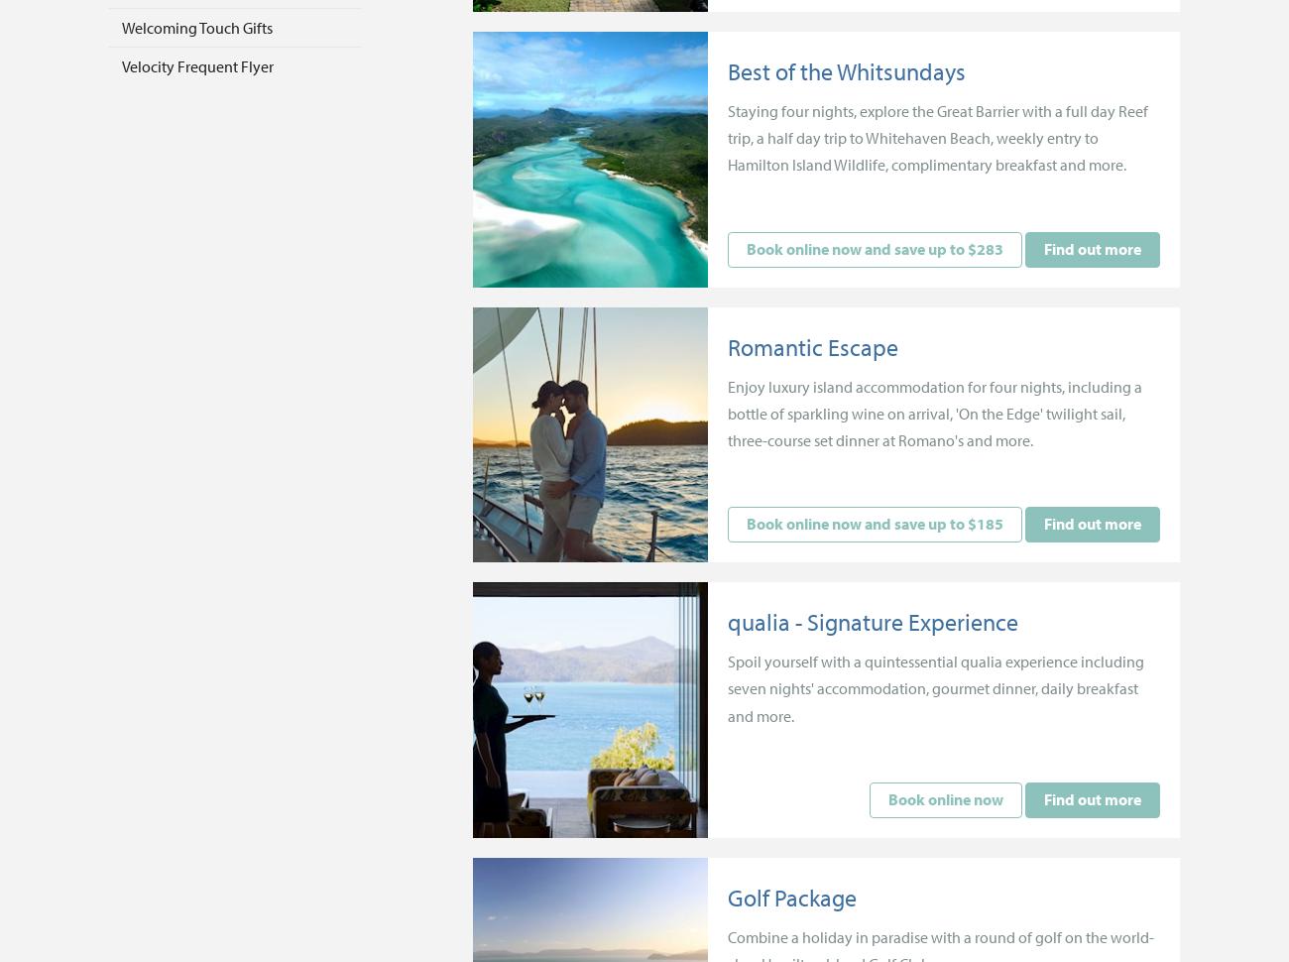 This screenshot has width=1289, height=962. I want to click on 'Romantic Escape', so click(727, 345).